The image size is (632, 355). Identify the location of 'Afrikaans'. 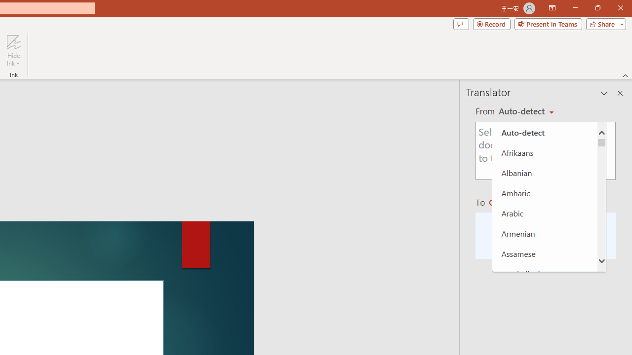
(544, 152).